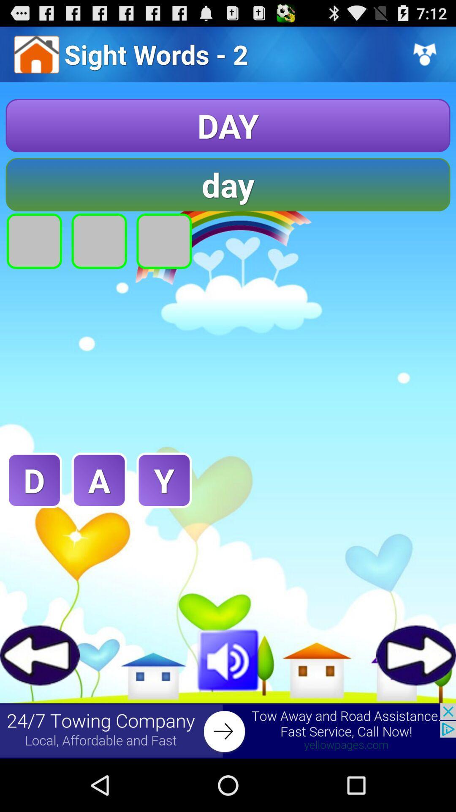 The width and height of the screenshot is (456, 812). I want to click on the arrow_forward icon, so click(415, 701).